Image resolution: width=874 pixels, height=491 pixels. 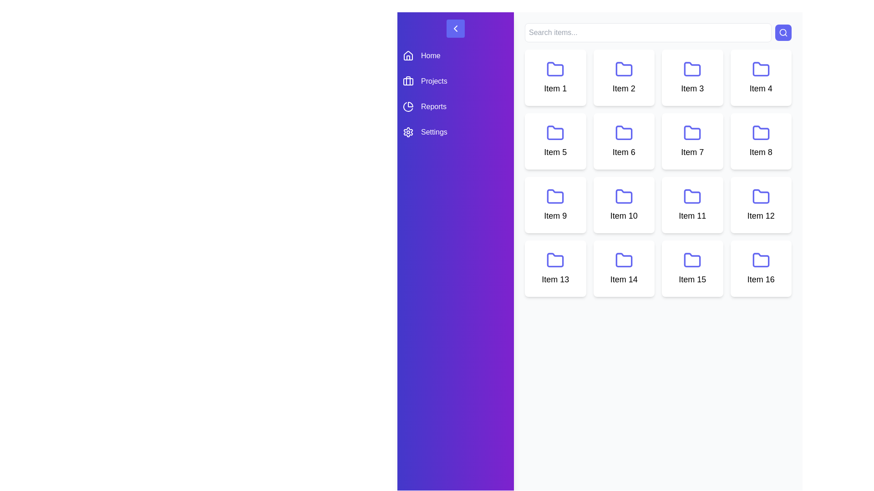 What do you see at coordinates (456, 28) in the screenshot?
I see `arrow button to toggle the sidebar visibility` at bounding box center [456, 28].